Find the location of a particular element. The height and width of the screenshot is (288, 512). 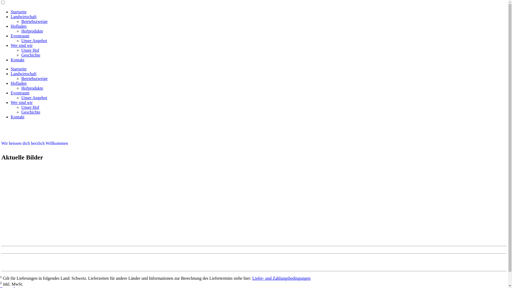

'Unser Hof' is located at coordinates (30, 107).